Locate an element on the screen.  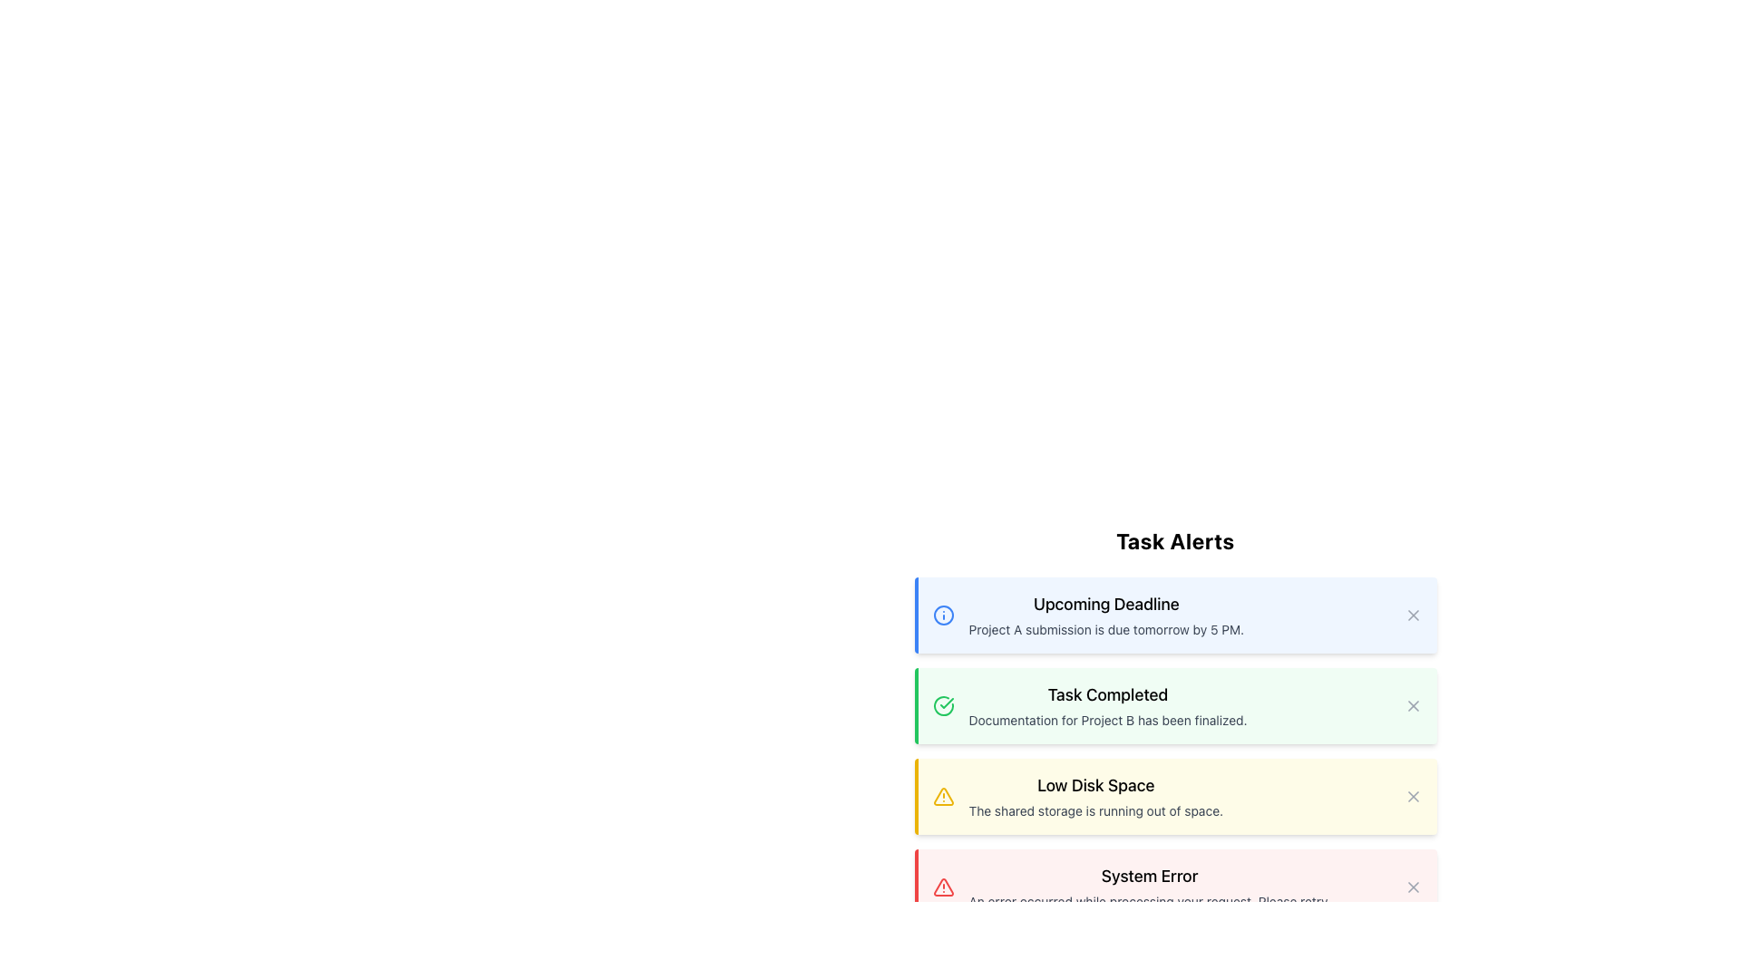
the title text label of the error message box, which indicates an issue or problem to the user, located at the bottom of the vertical list of alert boxes is located at coordinates (1148, 876).